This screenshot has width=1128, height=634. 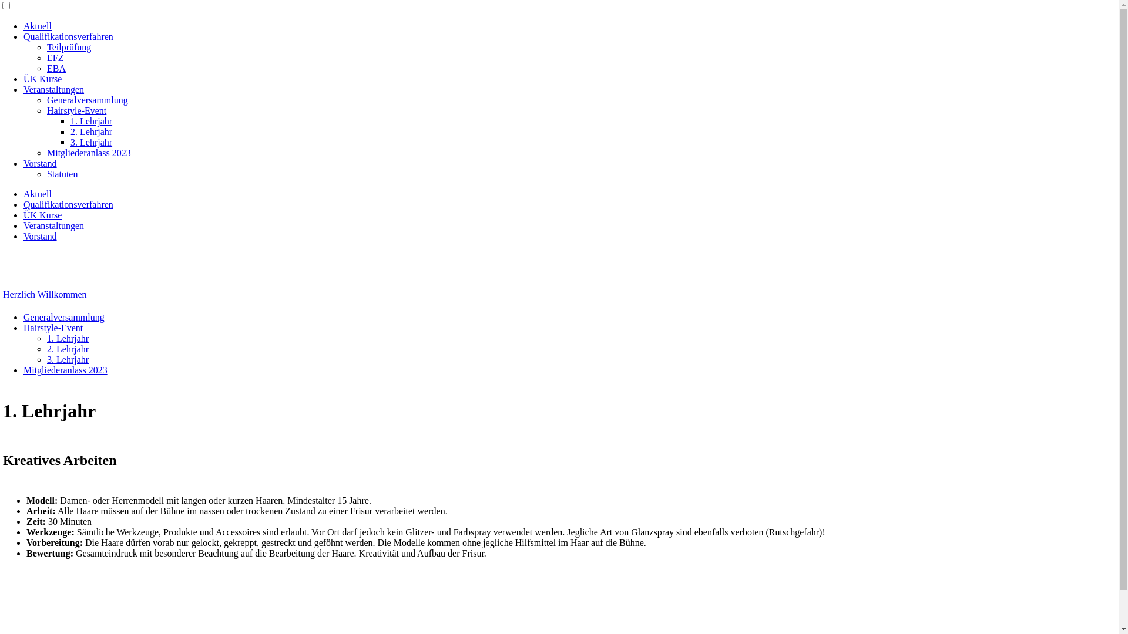 I want to click on 'EFZ', so click(x=55, y=58).